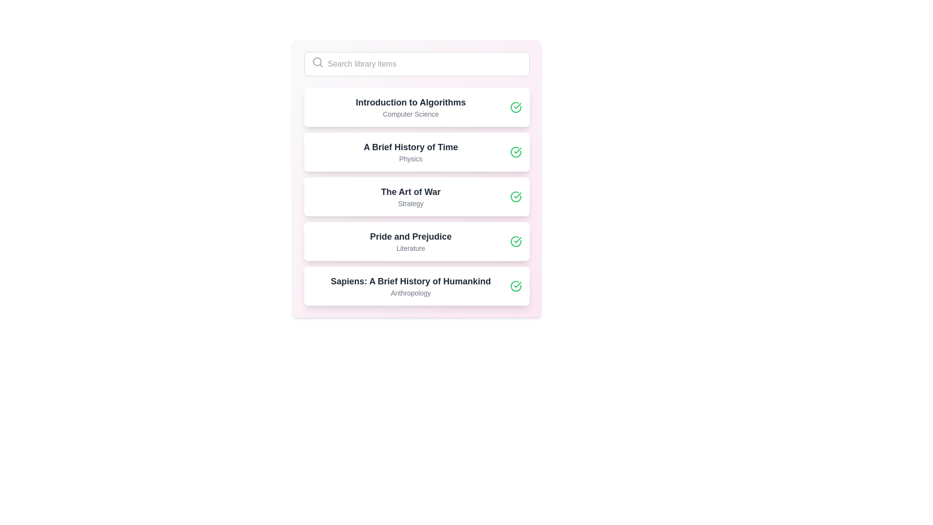  What do you see at coordinates (411, 281) in the screenshot?
I see `title text of the book or library item, which is the first line of text in the scrollable list, positioned above the smaller text 'Anthropology'. This is the fifth entry in the list` at bounding box center [411, 281].